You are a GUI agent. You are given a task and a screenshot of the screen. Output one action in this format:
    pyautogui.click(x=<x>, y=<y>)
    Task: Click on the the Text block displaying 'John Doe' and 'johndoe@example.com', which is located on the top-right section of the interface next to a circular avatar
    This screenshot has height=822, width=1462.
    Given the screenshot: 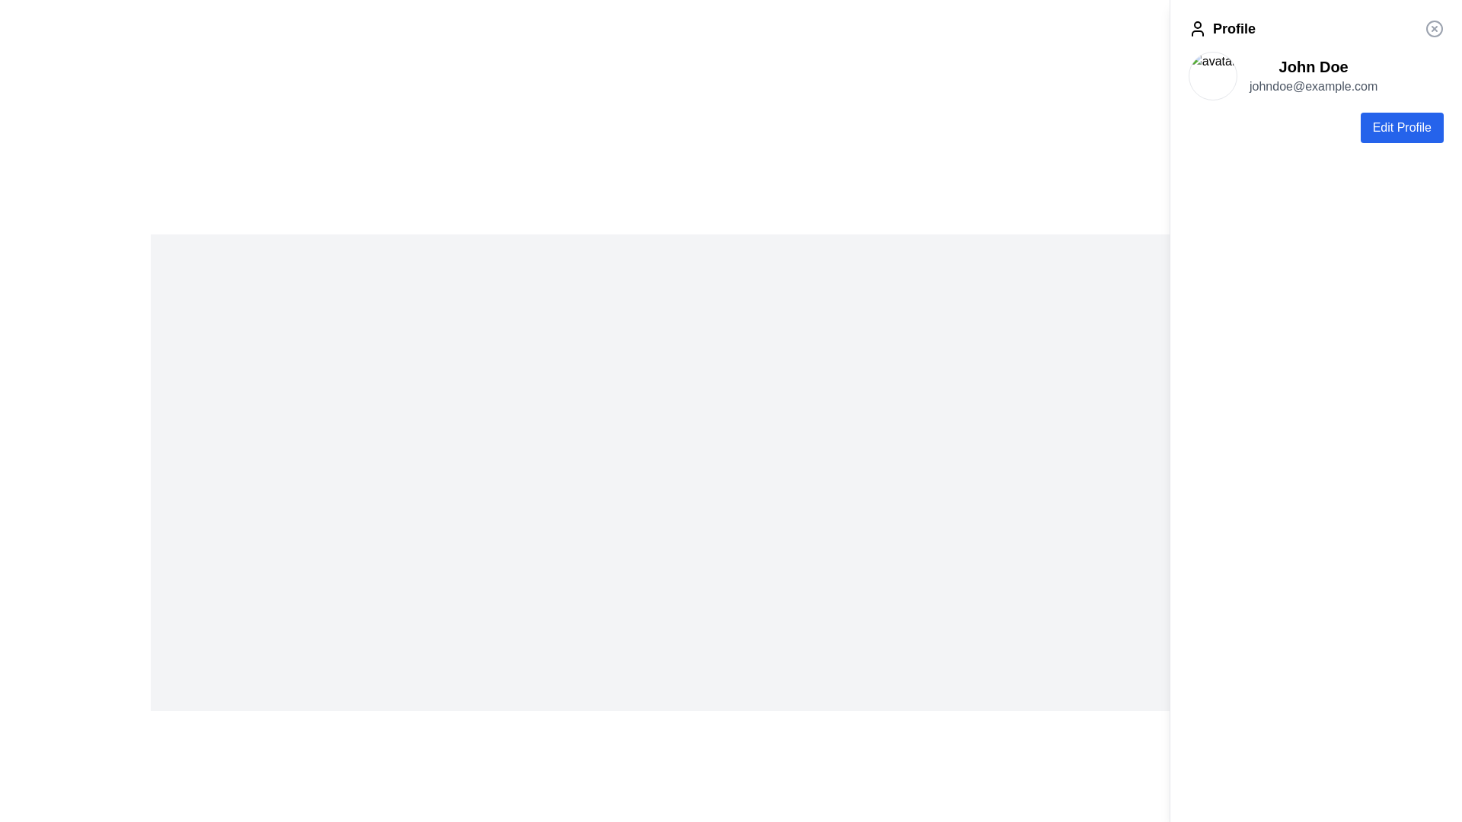 What is the action you would take?
    pyautogui.click(x=1313, y=76)
    